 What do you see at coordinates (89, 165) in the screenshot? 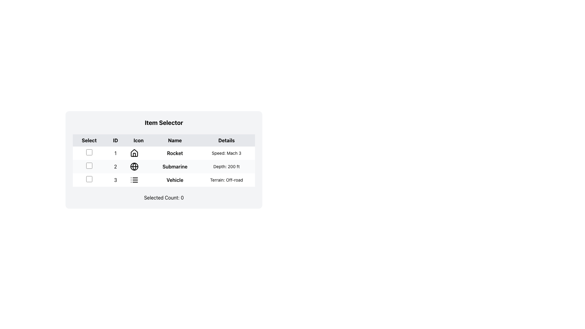
I see `the checkbox for 'Submarine' located` at bounding box center [89, 165].